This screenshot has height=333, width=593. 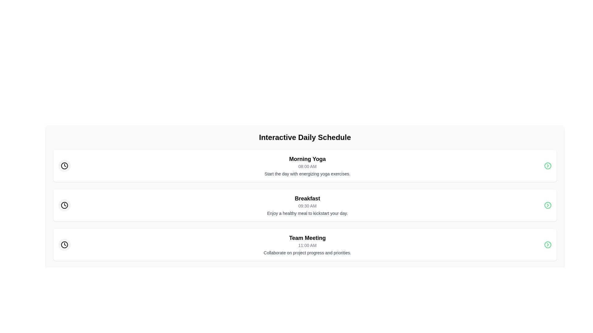 I want to click on the SVG-based Icon button located in the rightmost part of the 'Morning Yoga' card, so click(x=548, y=165).